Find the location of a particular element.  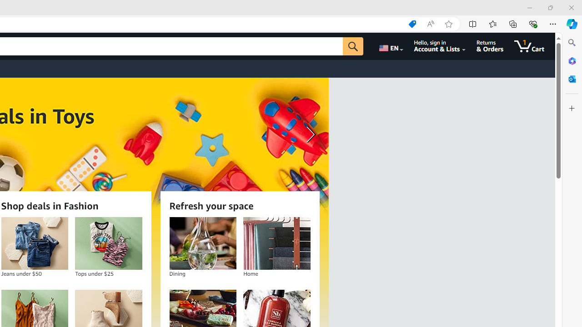

'Tops under $25' is located at coordinates (108, 243).